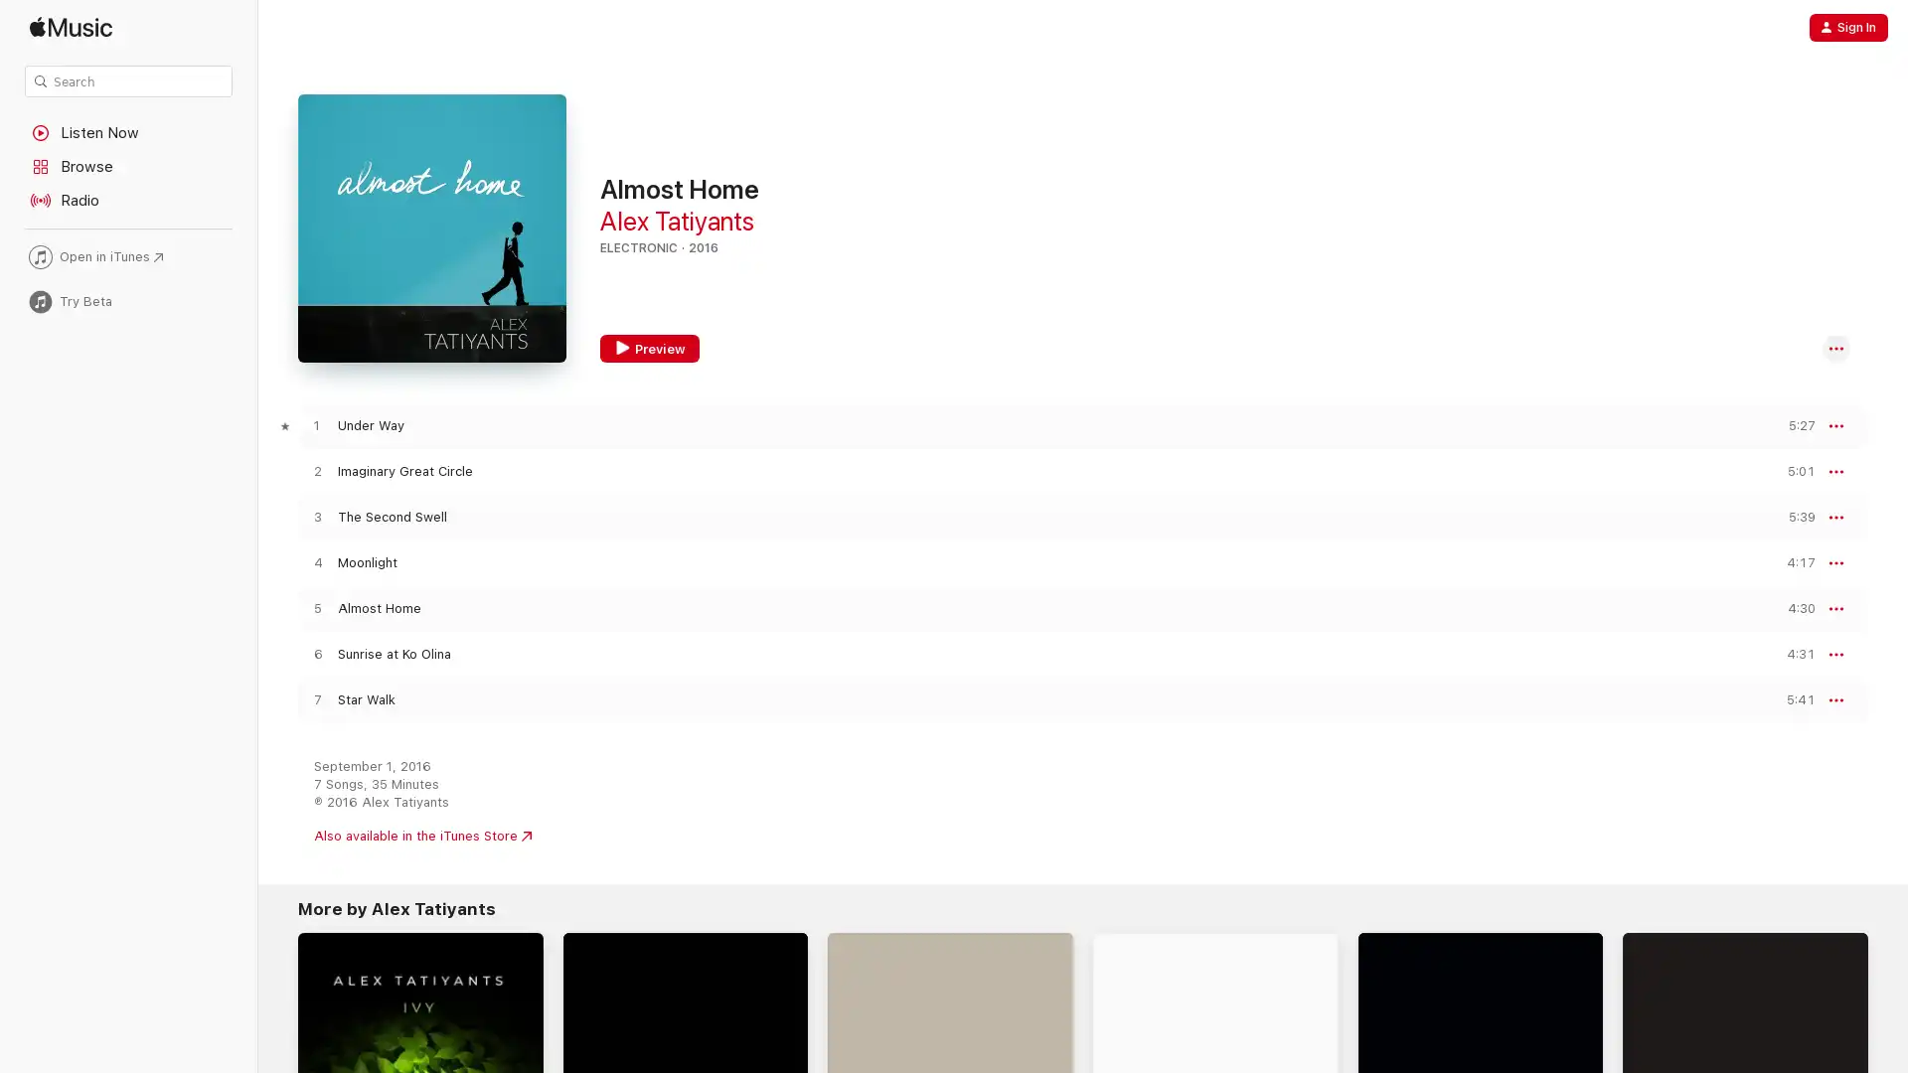  I want to click on More, so click(1835, 699).